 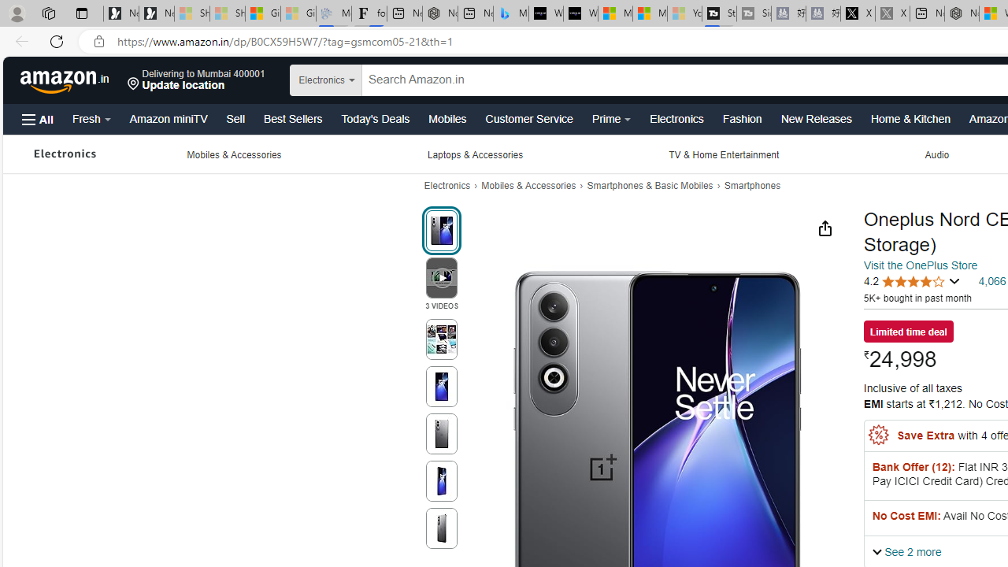 I want to click on '4.2 4.2 out of 5 stars', so click(x=912, y=280).